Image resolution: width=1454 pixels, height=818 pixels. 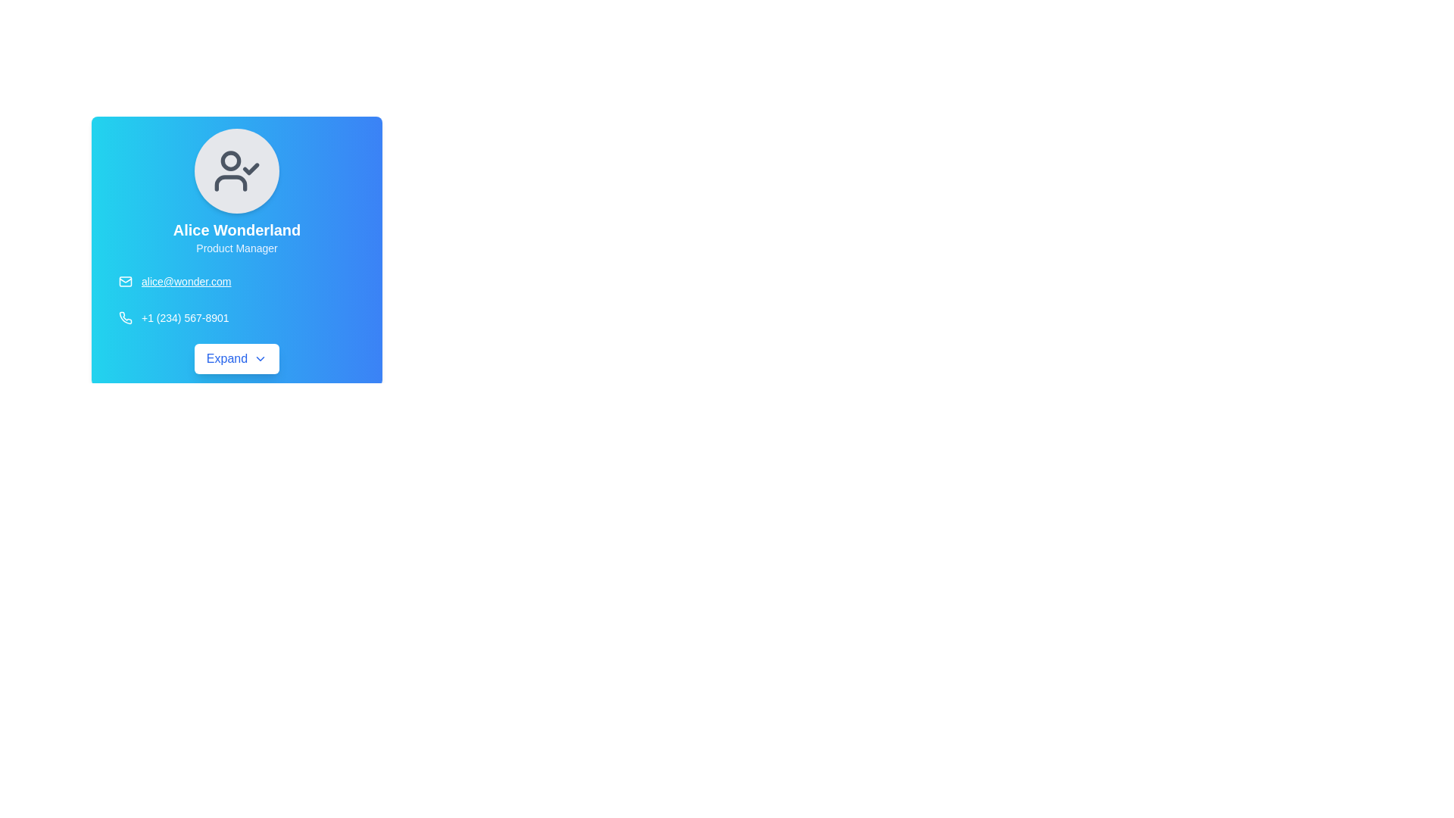 I want to click on the phone icon, which is depicted in minimalistic line art style with a white stroke on a blue background, located to the left of the phone number '+1 (234) 567-8901', so click(x=126, y=317).